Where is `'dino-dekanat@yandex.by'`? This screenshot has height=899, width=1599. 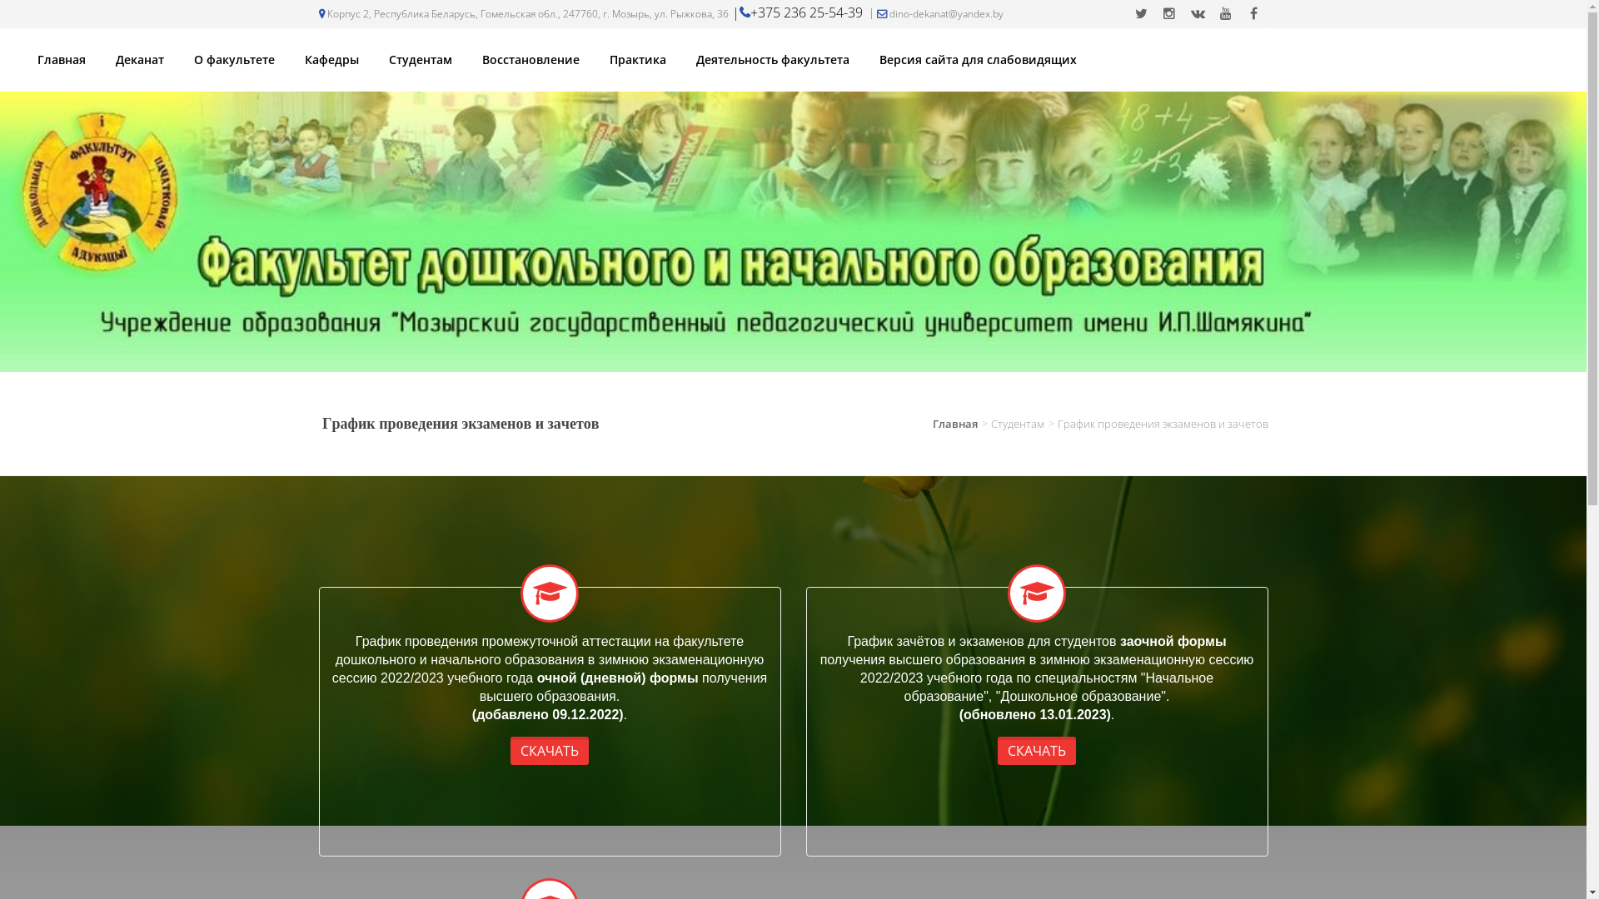 'dino-dekanat@yandex.by' is located at coordinates (934, 13).